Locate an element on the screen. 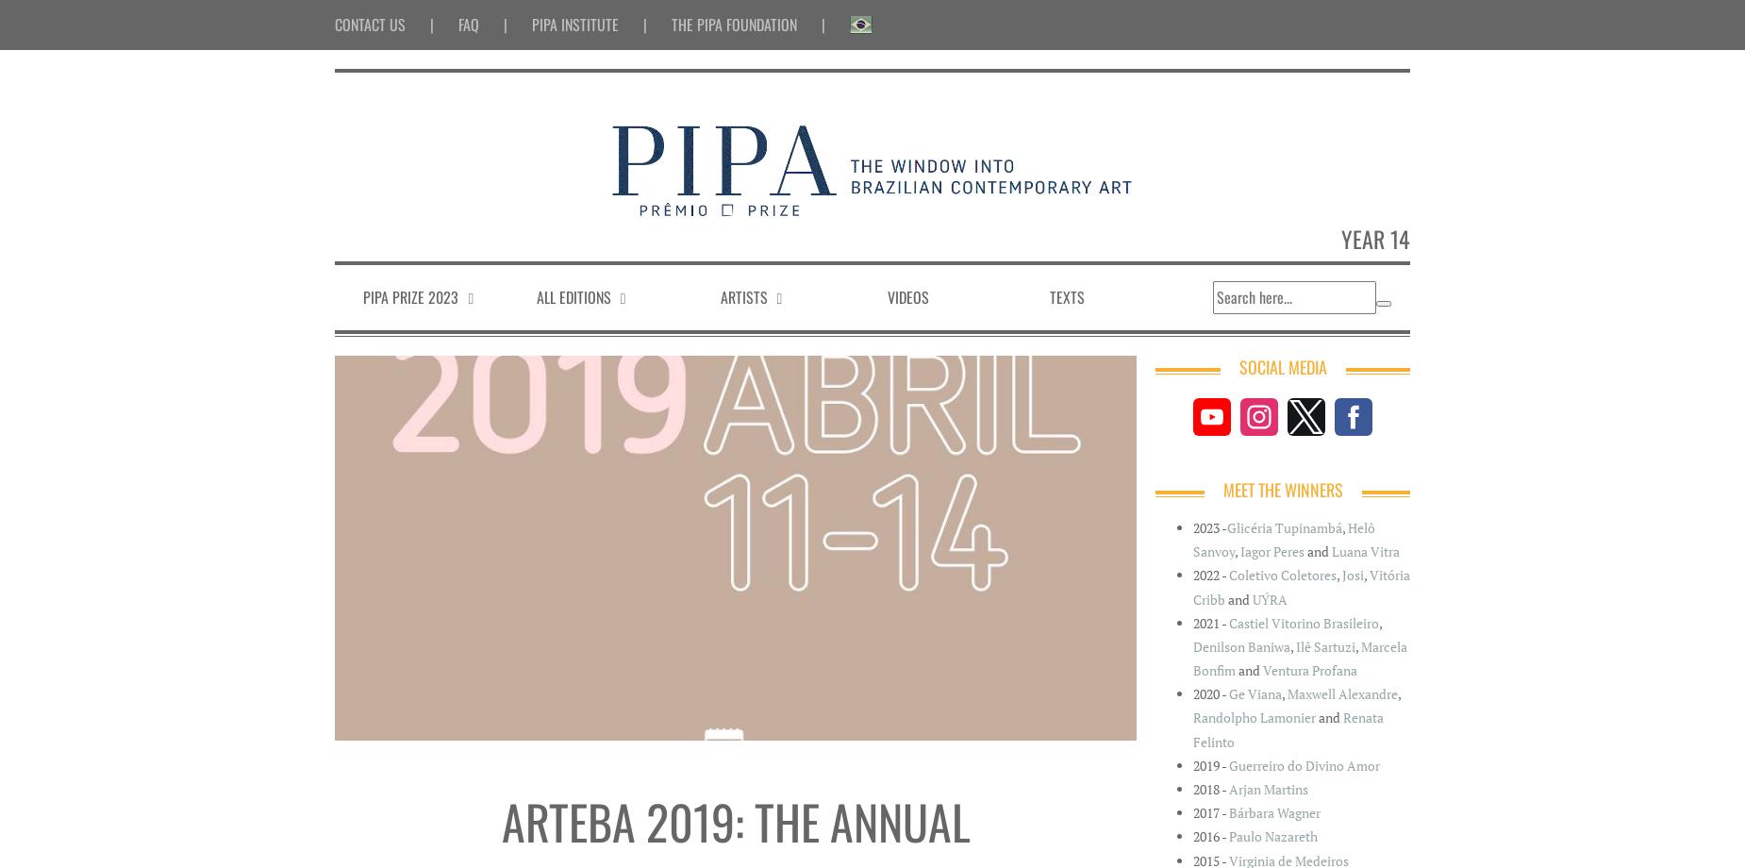 The height and width of the screenshot is (868, 1745). 'Marcela Bonfim' is located at coordinates (1192, 658).